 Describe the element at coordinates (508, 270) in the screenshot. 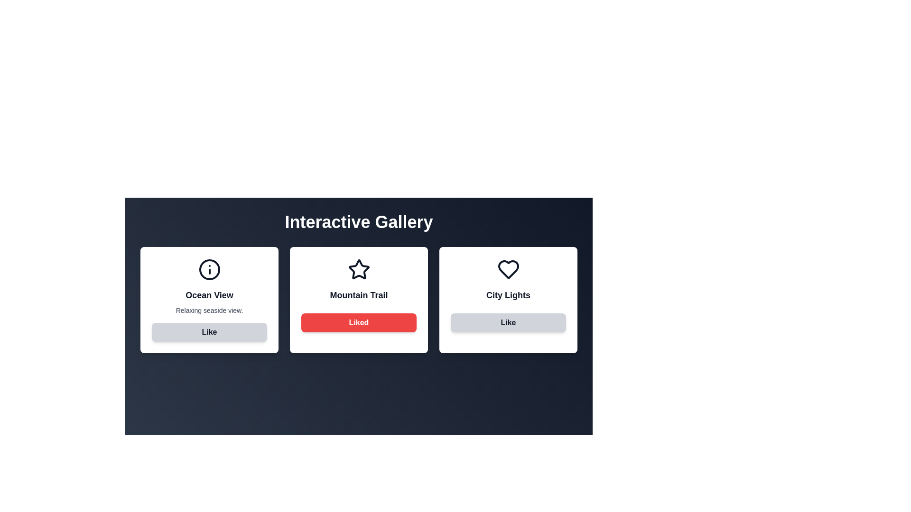

I see `the heart icon with a hollow center, outlined in black, located at the center of the upper section inside the 'City Lights' card` at that location.